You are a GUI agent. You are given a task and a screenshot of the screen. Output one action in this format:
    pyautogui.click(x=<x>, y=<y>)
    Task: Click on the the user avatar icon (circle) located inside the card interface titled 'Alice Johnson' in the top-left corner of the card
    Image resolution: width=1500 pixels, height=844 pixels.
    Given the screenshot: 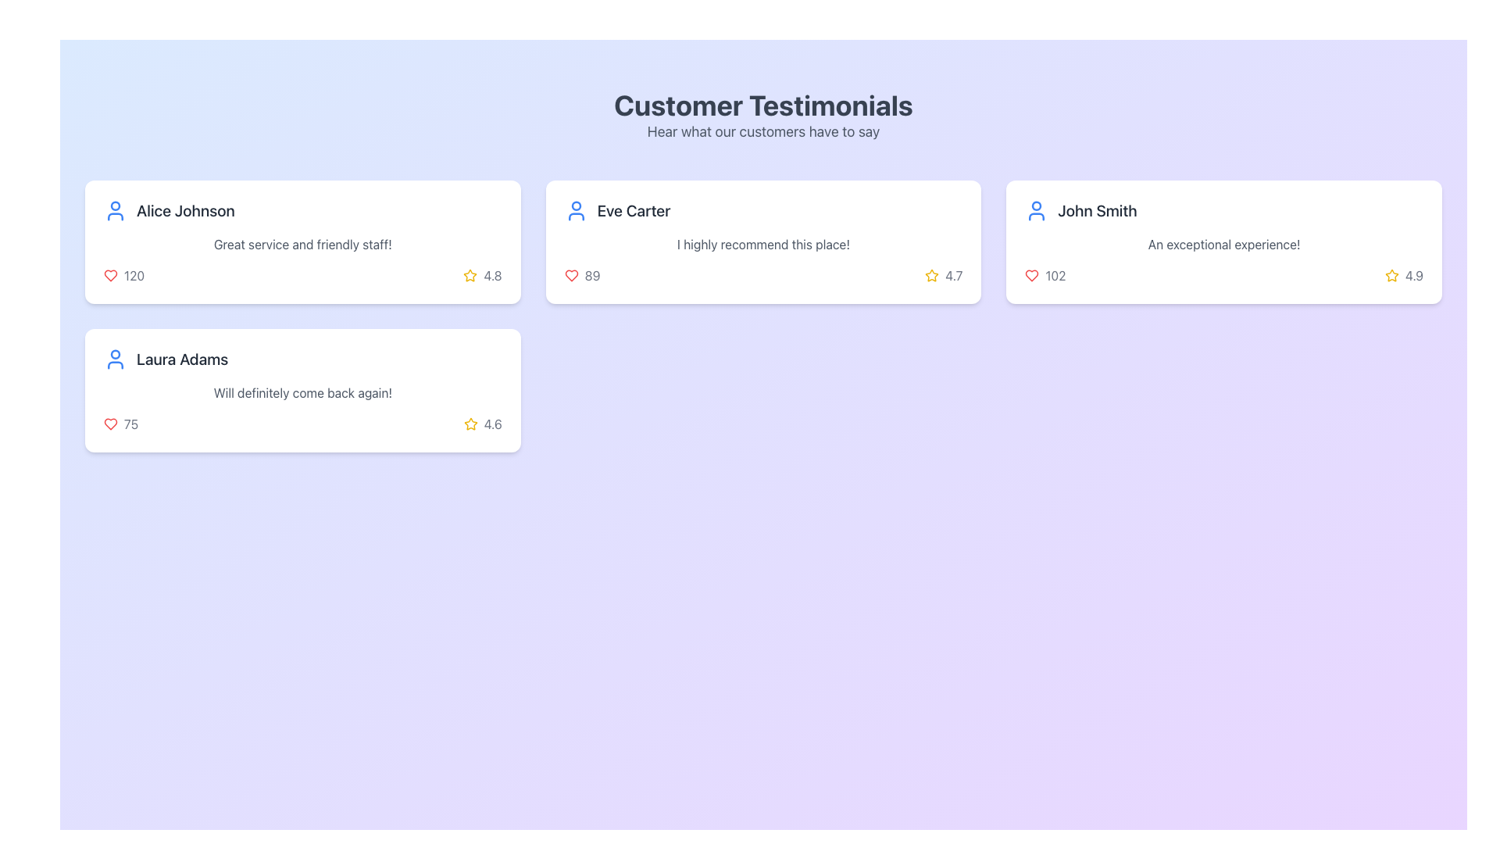 What is the action you would take?
    pyautogui.click(x=115, y=204)
    